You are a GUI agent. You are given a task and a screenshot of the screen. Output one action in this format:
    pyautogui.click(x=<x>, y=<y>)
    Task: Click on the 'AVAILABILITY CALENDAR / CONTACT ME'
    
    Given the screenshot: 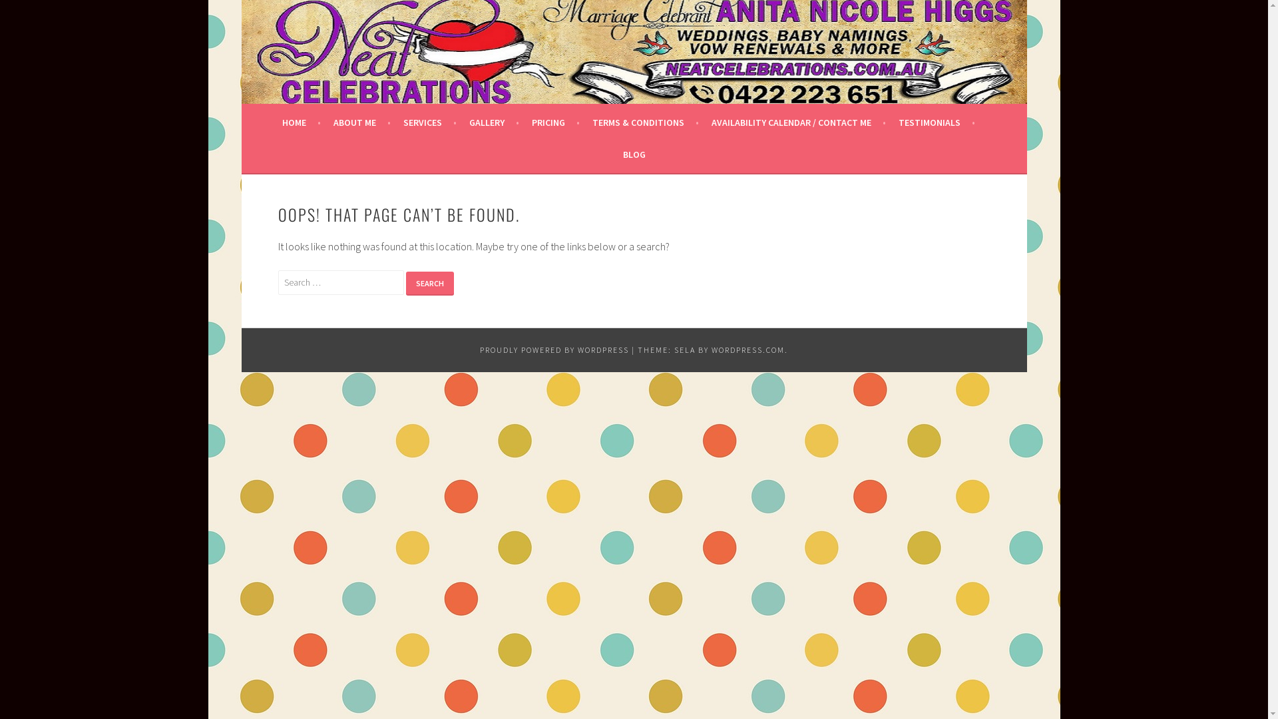 What is the action you would take?
    pyautogui.click(x=799, y=122)
    